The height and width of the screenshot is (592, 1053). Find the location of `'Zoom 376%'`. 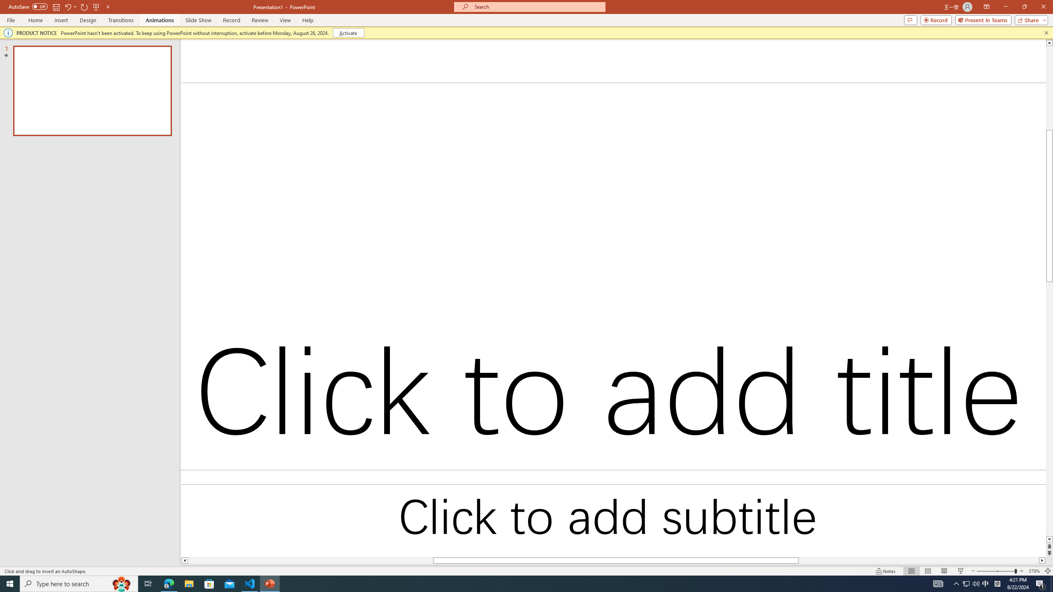

'Zoom 376%' is located at coordinates (1034, 571).